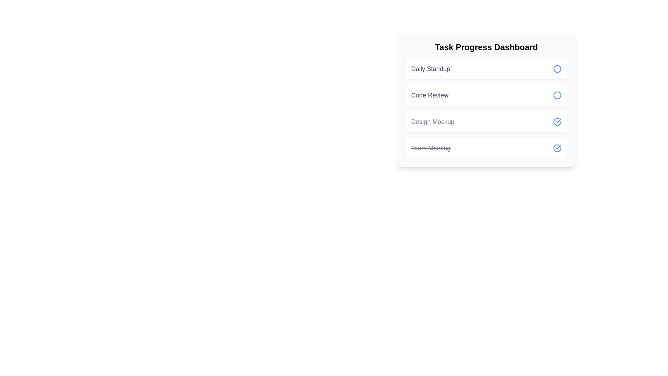 This screenshot has height=376, width=668. What do you see at coordinates (557, 69) in the screenshot?
I see `the circular icon representing the unchecked or in-progress state of the 'Daily Standup' task` at bounding box center [557, 69].